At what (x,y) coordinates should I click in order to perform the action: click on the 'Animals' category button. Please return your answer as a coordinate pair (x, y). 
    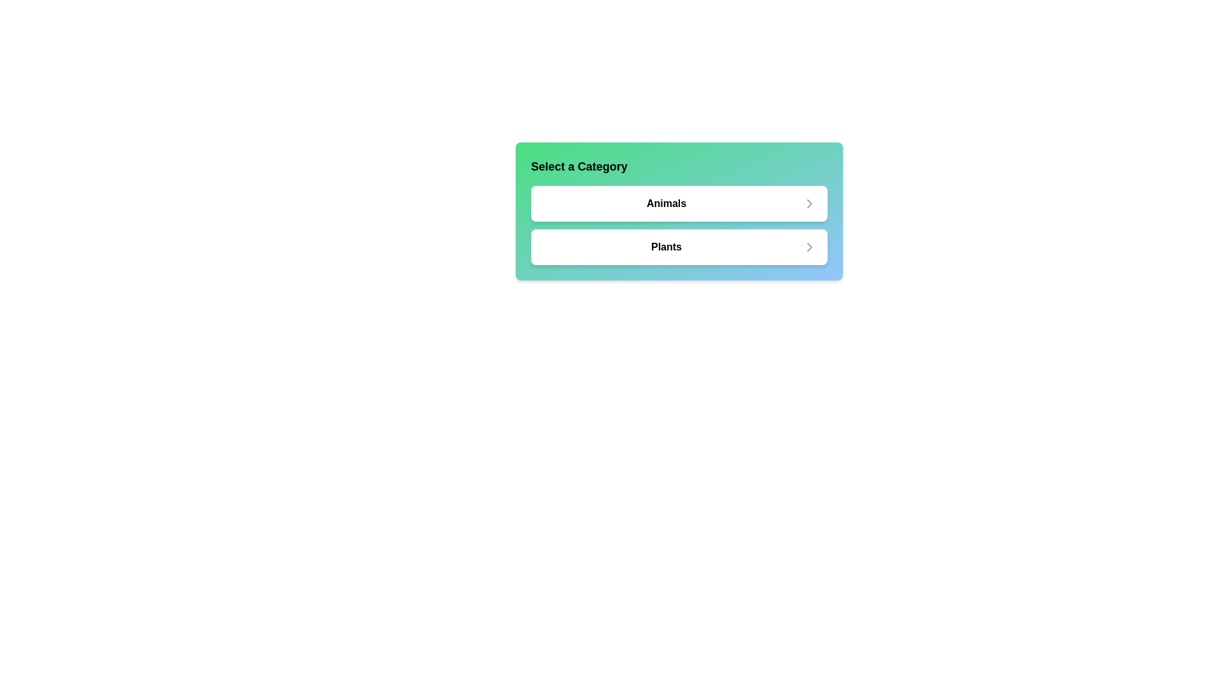
    Looking at the image, I should click on (678, 211).